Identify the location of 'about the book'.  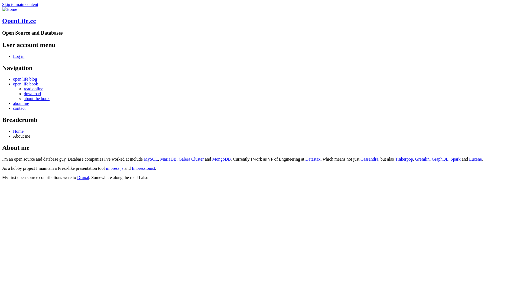
(36, 98).